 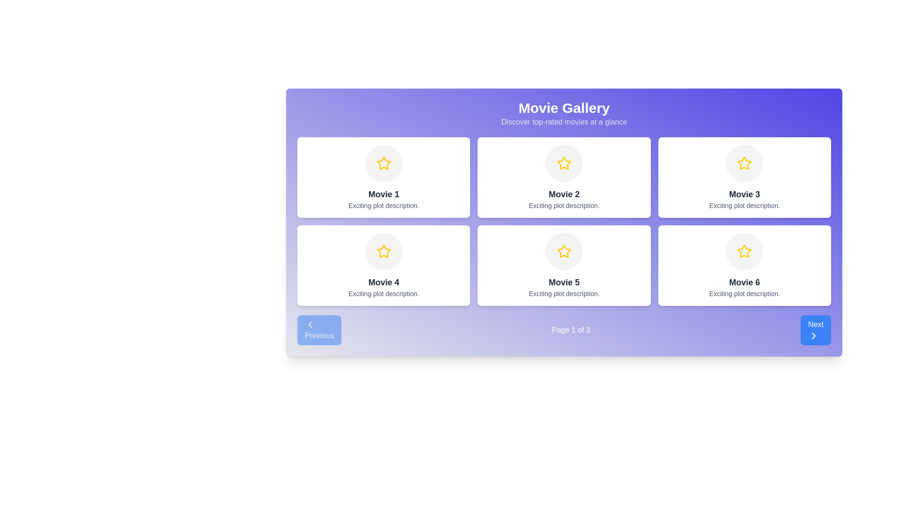 I want to click on the star icon with a yellow outline and transparent fill located at the top of the 'Movie 5' card in the grid layout, so click(x=563, y=251).